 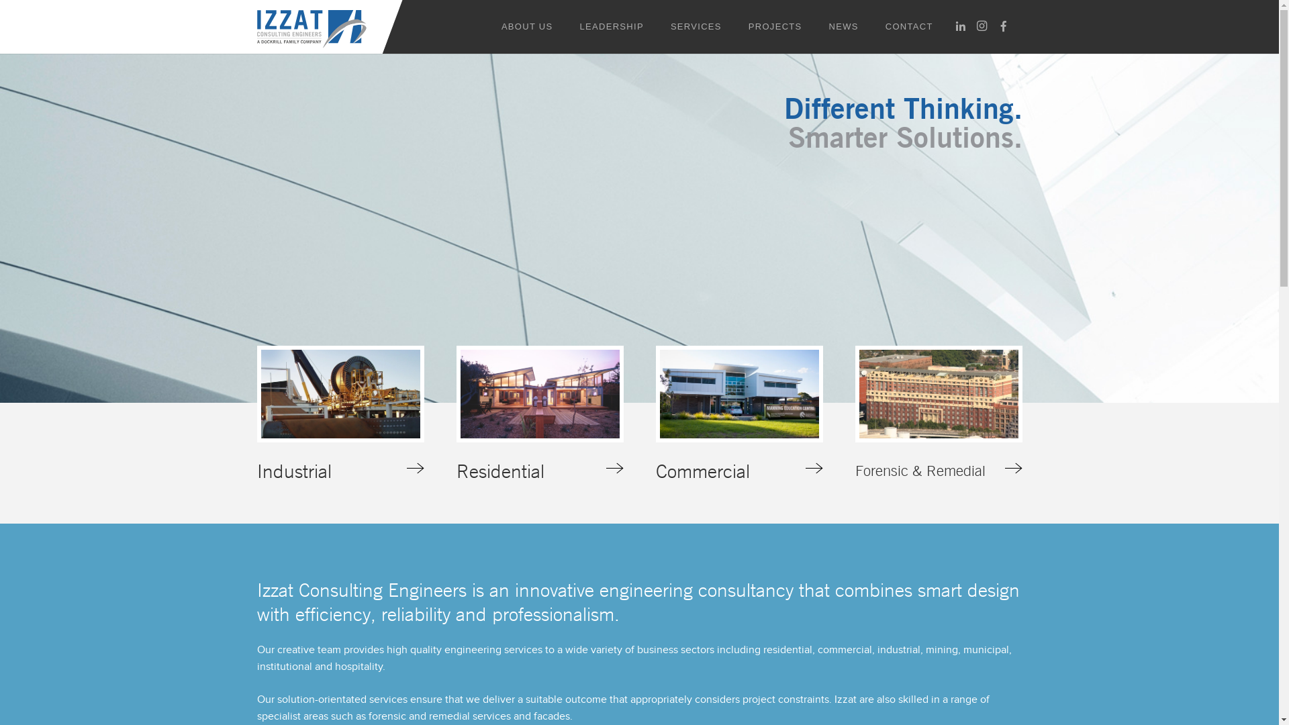 What do you see at coordinates (775, 26) in the screenshot?
I see `'PROJECTS'` at bounding box center [775, 26].